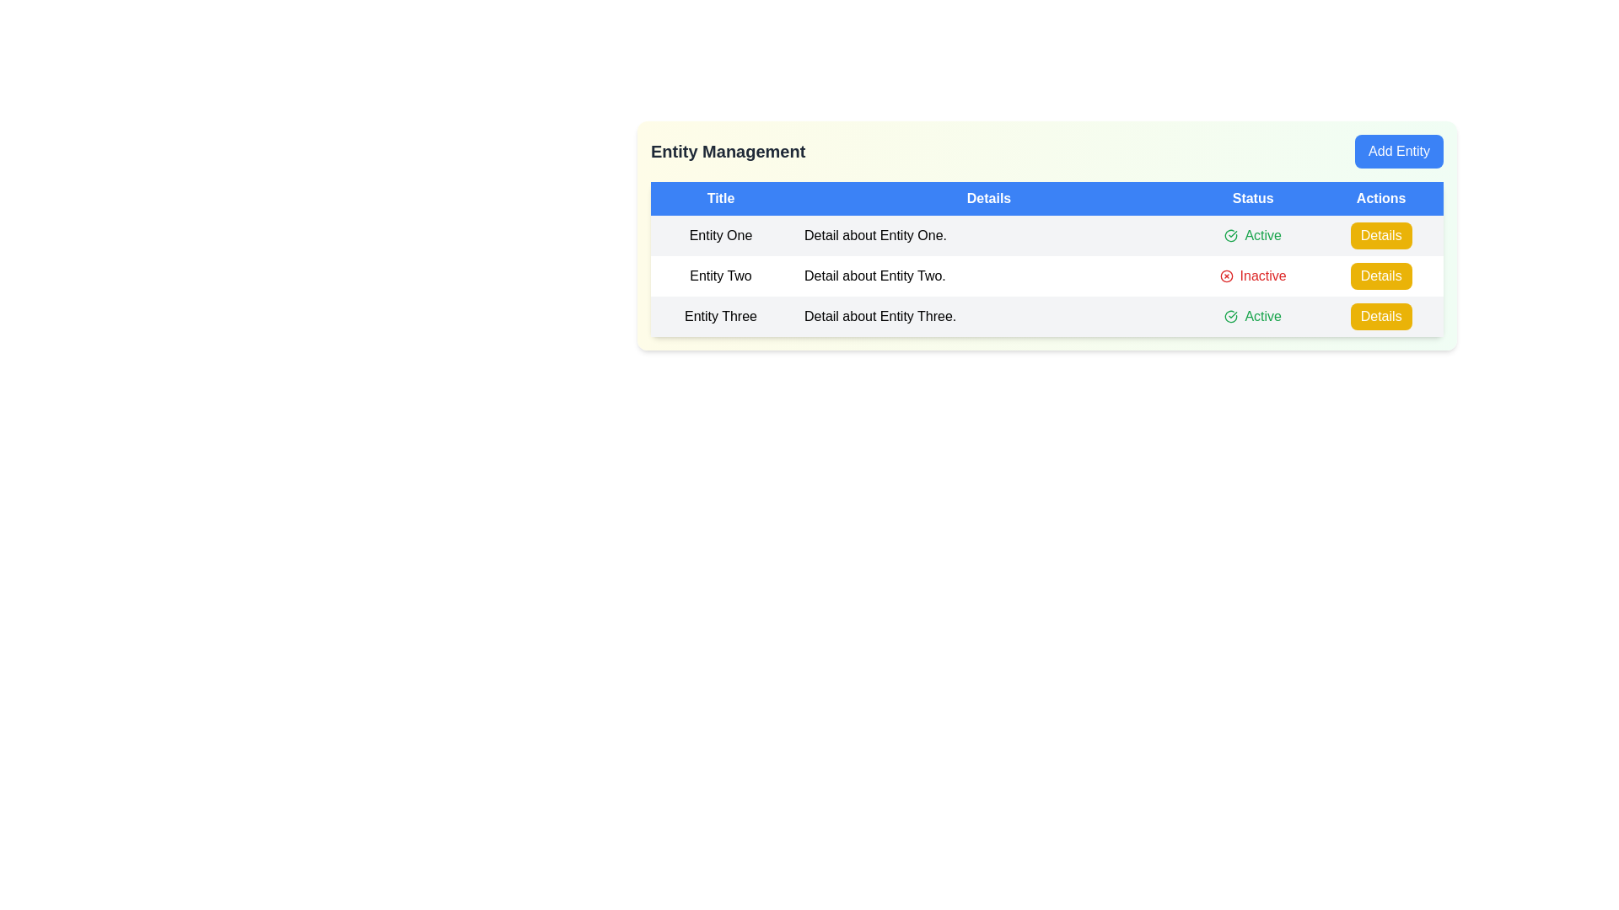 The image size is (1619, 910). What do you see at coordinates (1231, 316) in the screenshot?
I see `the check mark icon within the circle in the 'Status' column of the third row, indicating active status` at bounding box center [1231, 316].